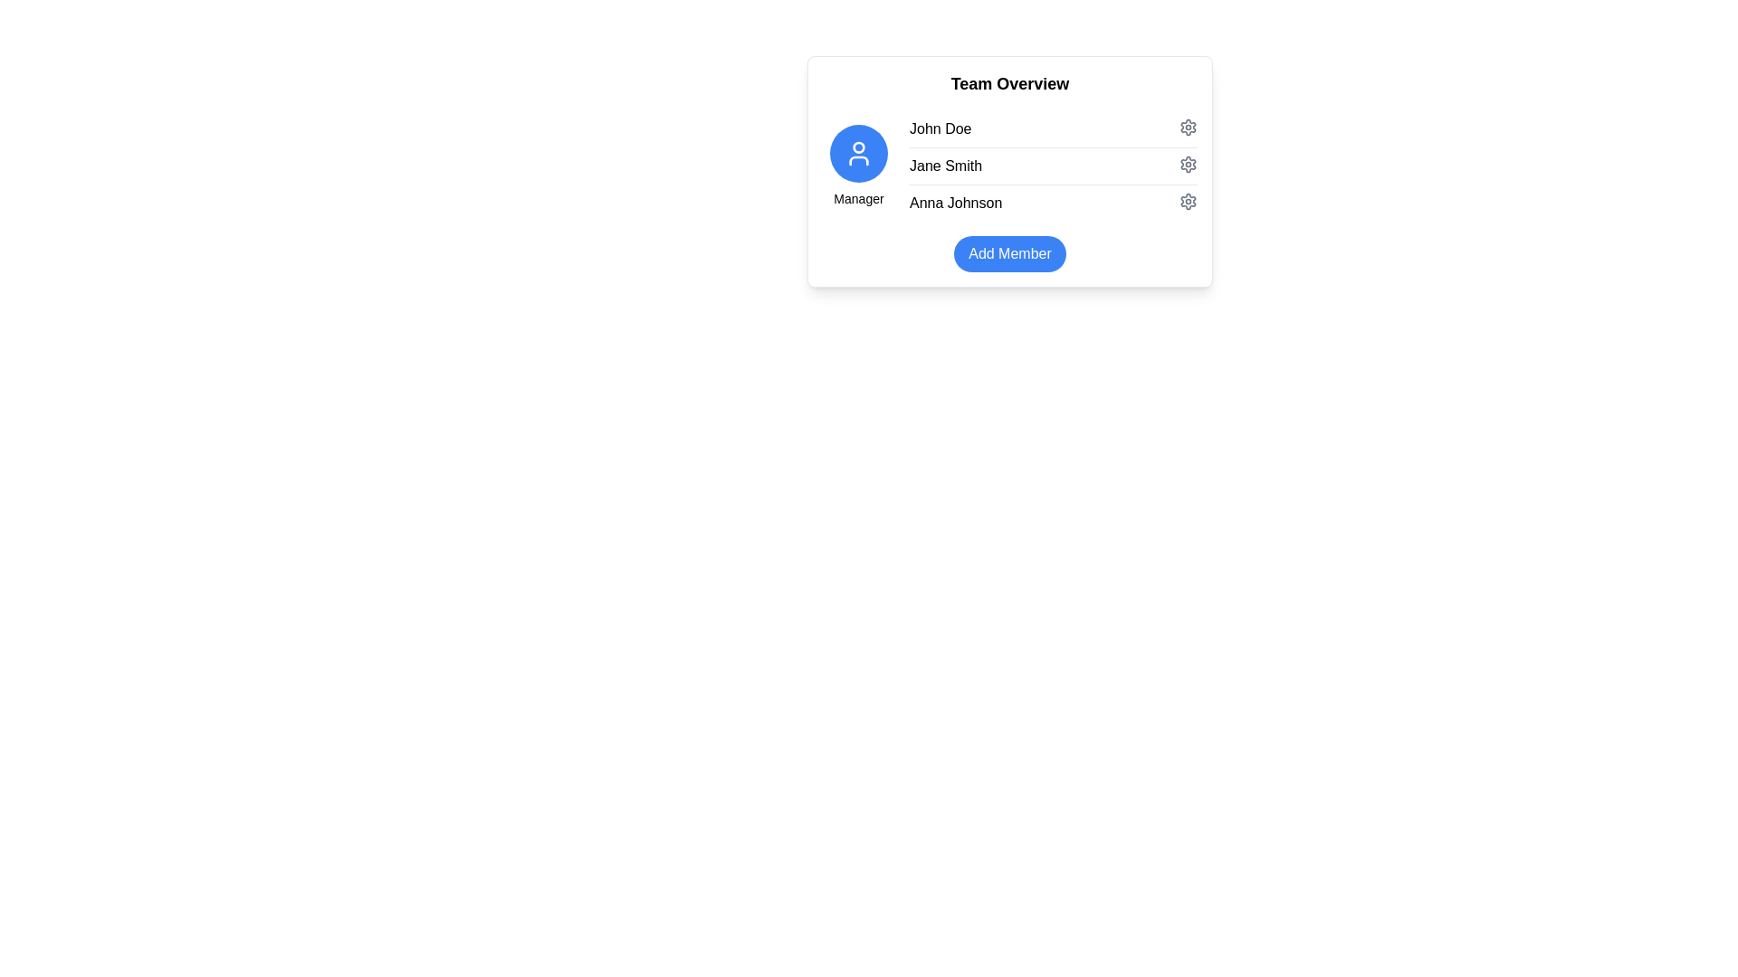 This screenshot has width=1738, height=977. Describe the element at coordinates (1189, 202) in the screenshot. I see `the icon button located at the far-right side of the 'Anna Johnson' row` at that location.